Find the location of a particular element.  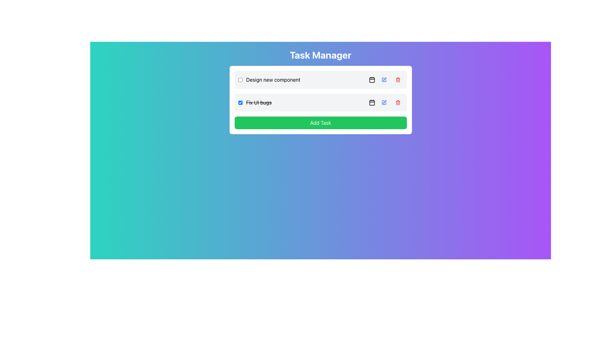

to select the first task item in the task manager interface, located directly above the task item labeled 'Fix UI bugs' is located at coordinates (320, 79).